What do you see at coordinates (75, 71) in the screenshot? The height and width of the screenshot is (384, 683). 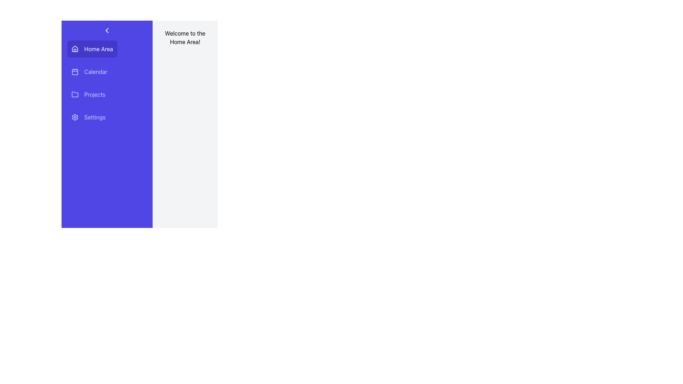 I see `the calendar icon, which is a square with rounded corners and two vertical lines at the top, located in the sidebar menu next to the 'Calendar' text` at bounding box center [75, 71].